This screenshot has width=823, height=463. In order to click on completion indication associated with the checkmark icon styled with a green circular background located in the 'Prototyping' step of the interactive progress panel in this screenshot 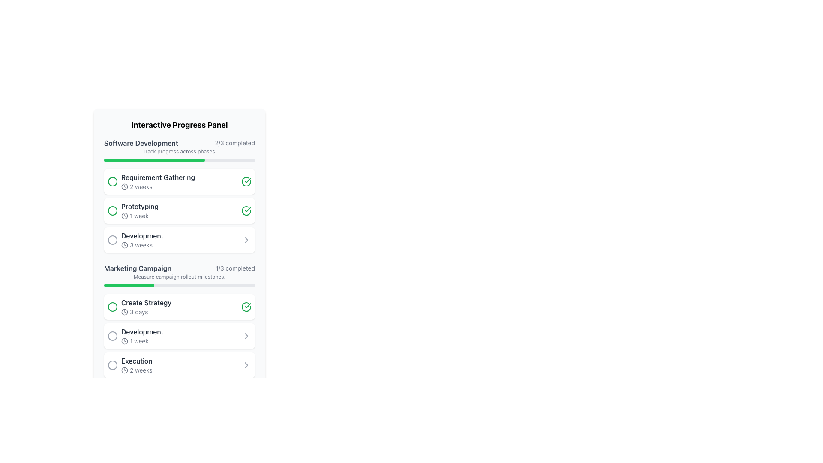, I will do `click(246, 211)`.